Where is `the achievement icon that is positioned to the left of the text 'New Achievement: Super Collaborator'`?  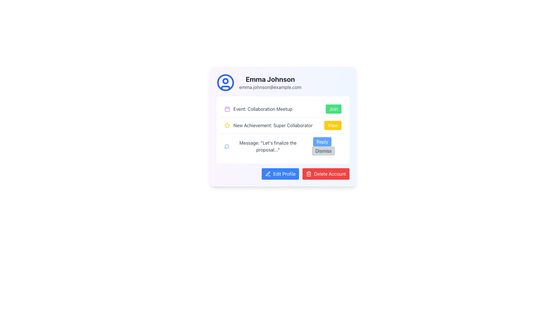 the achievement icon that is positioned to the left of the text 'New Achievement: Super Collaborator' is located at coordinates (227, 125).